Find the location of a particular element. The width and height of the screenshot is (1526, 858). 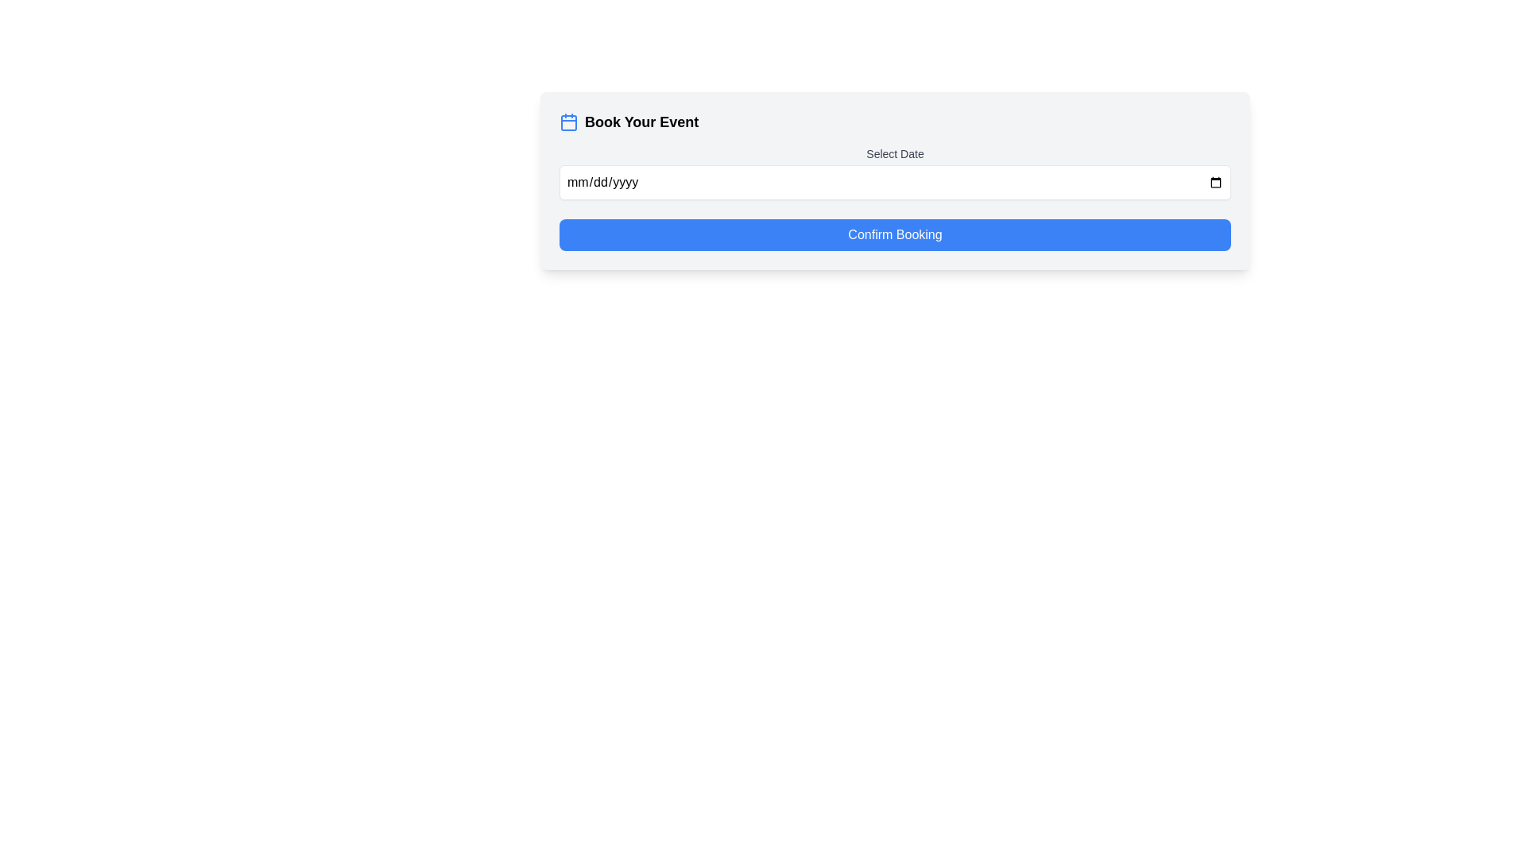

the text label 'Book Your Event' is located at coordinates (641, 122).